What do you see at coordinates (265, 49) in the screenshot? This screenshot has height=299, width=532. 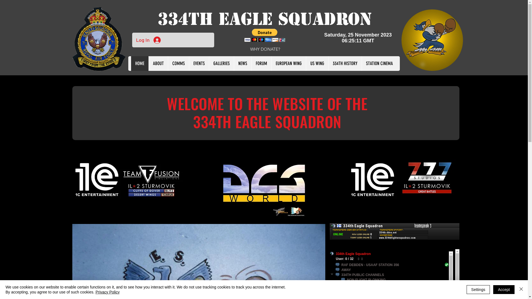 I see `'WHY DONATE?'` at bounding box center [265, 49].